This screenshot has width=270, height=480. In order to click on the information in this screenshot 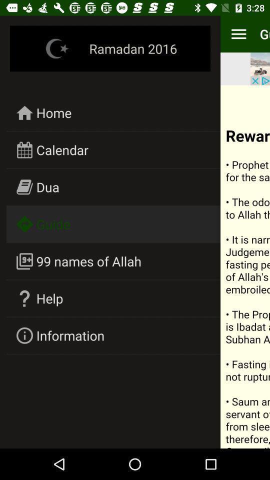, I will do `click(69, 335)`.